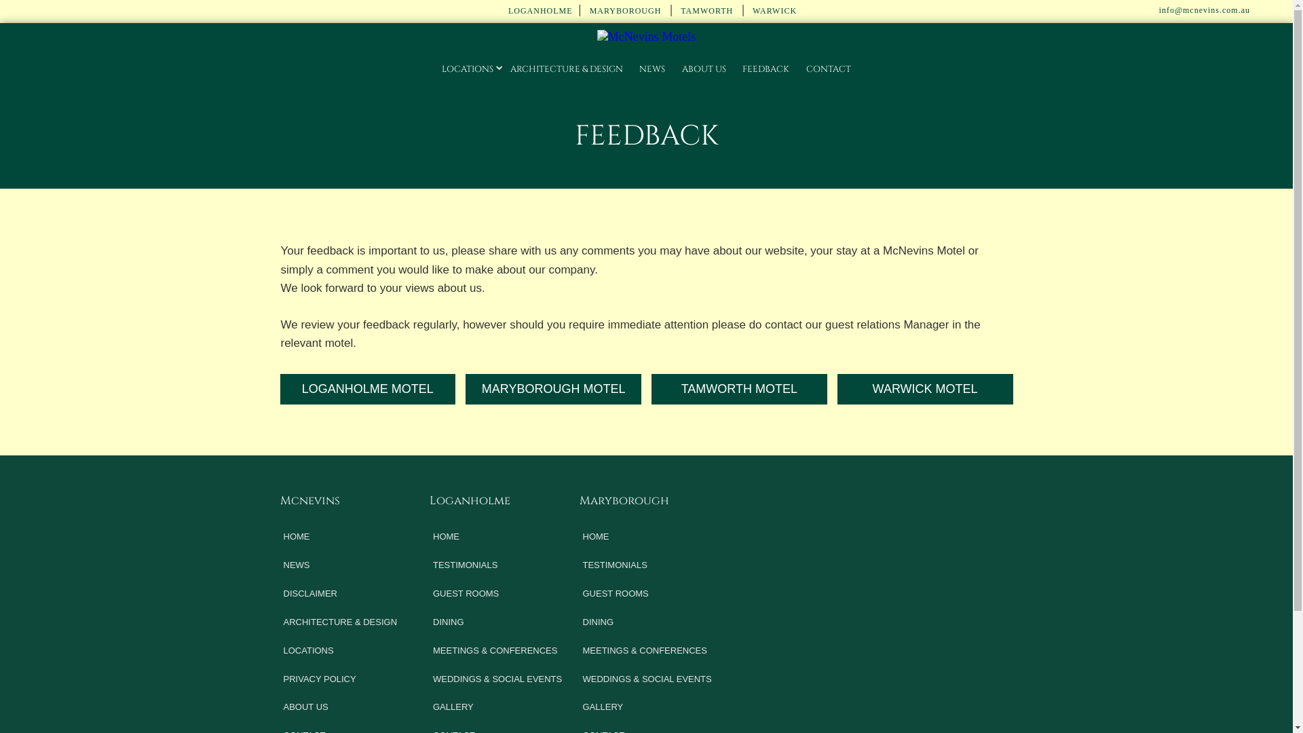  Describe the element at coordinates (772, 10) in the screenshot. I see `'  WARWICK'` at that location.